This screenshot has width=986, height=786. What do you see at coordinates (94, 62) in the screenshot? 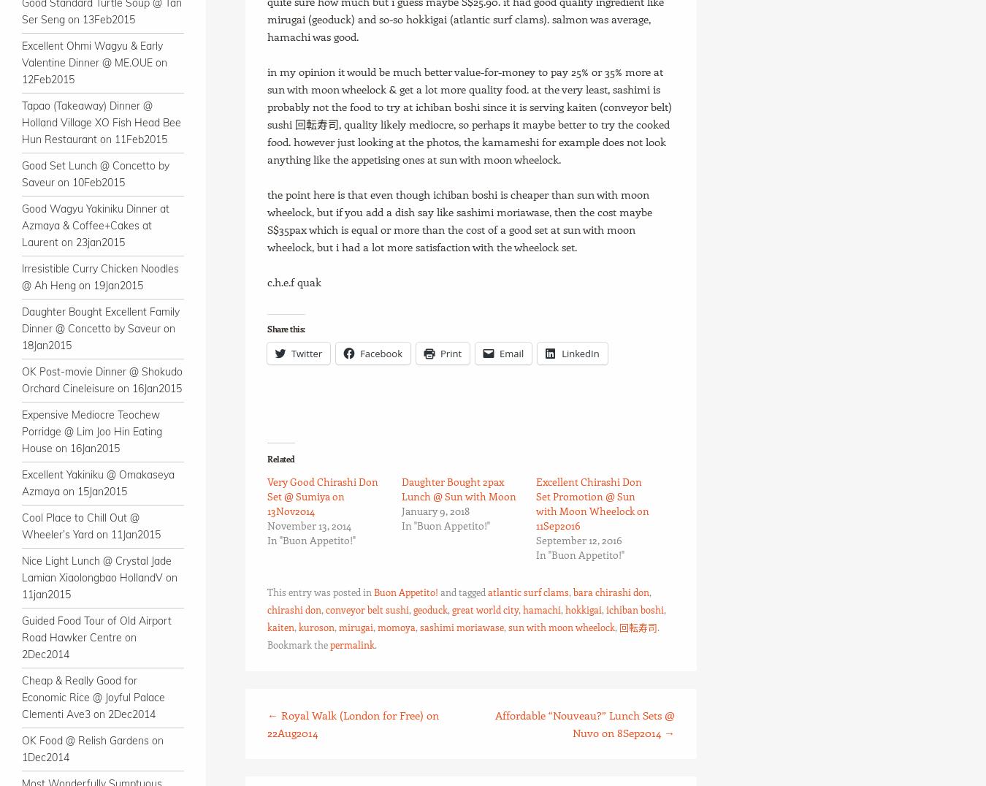
I see `'Excellent Ohmi Wagyu & Early Valentine Dinner @ ME.OUE on 12Feb2015'` at bounding box center [94, 62].